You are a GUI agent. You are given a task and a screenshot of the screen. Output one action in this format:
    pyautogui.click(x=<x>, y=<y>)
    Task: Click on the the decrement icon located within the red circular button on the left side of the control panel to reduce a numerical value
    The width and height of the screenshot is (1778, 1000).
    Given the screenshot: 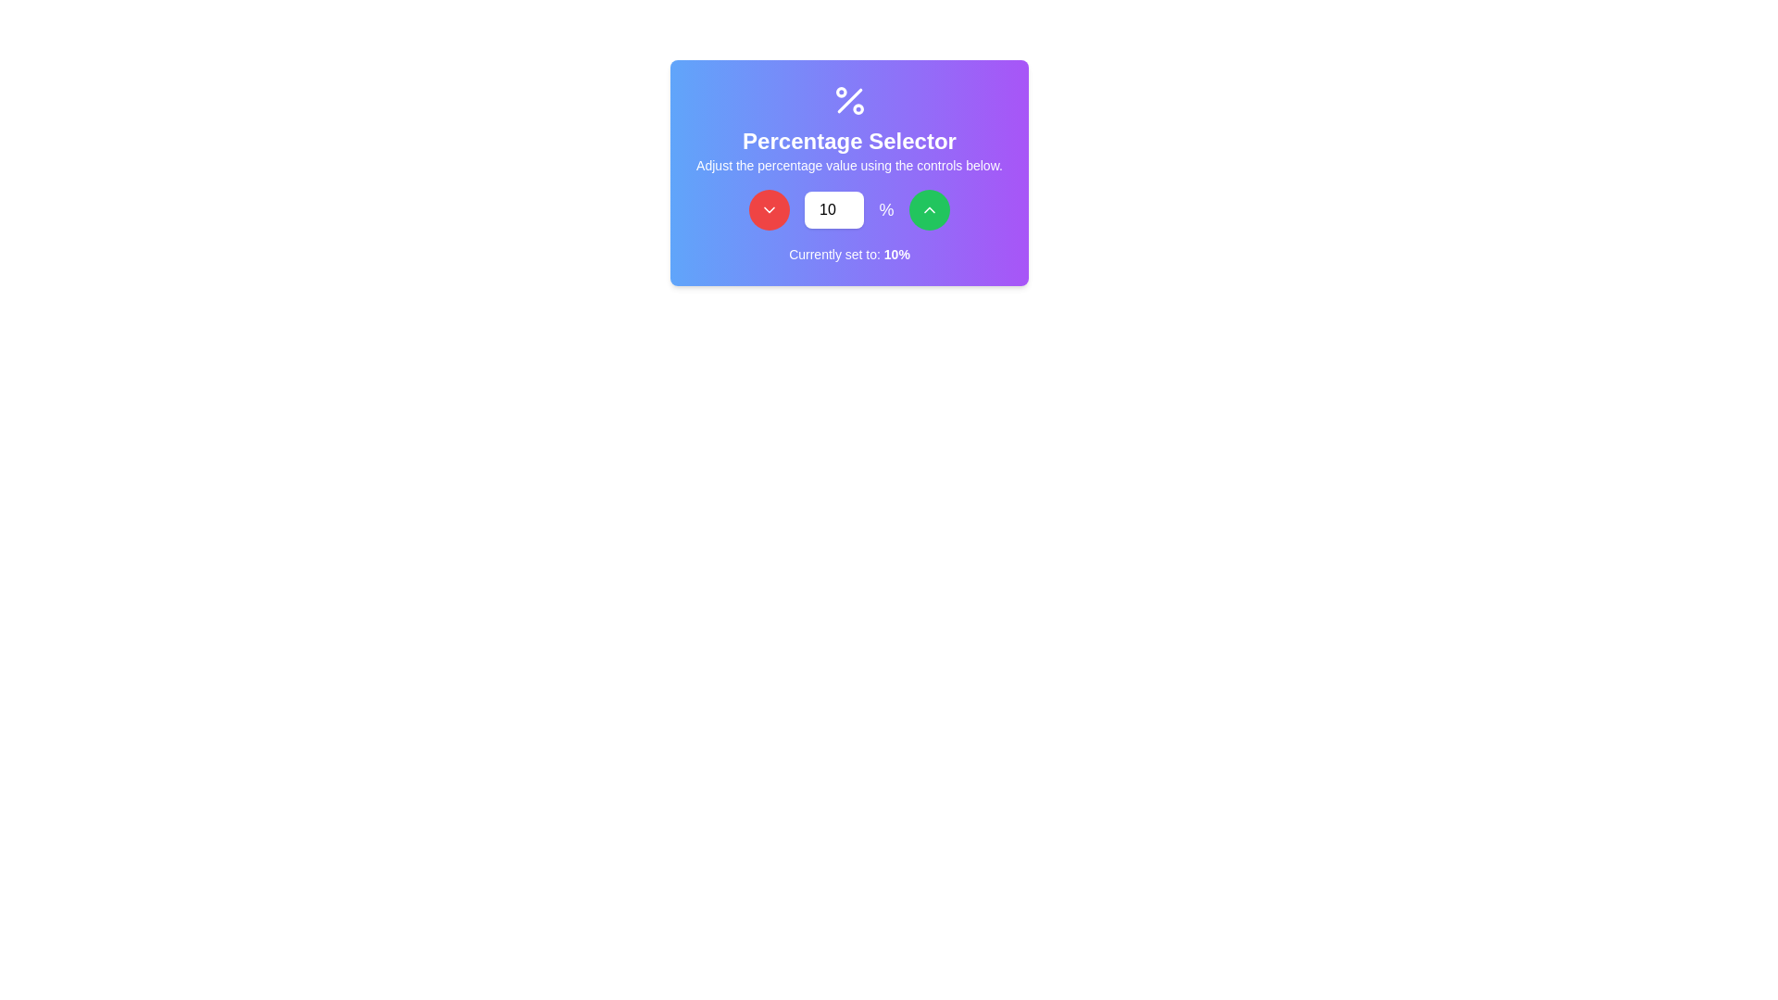 What is the action you would take?
    pyautogui.click(x=770, y=209)
    